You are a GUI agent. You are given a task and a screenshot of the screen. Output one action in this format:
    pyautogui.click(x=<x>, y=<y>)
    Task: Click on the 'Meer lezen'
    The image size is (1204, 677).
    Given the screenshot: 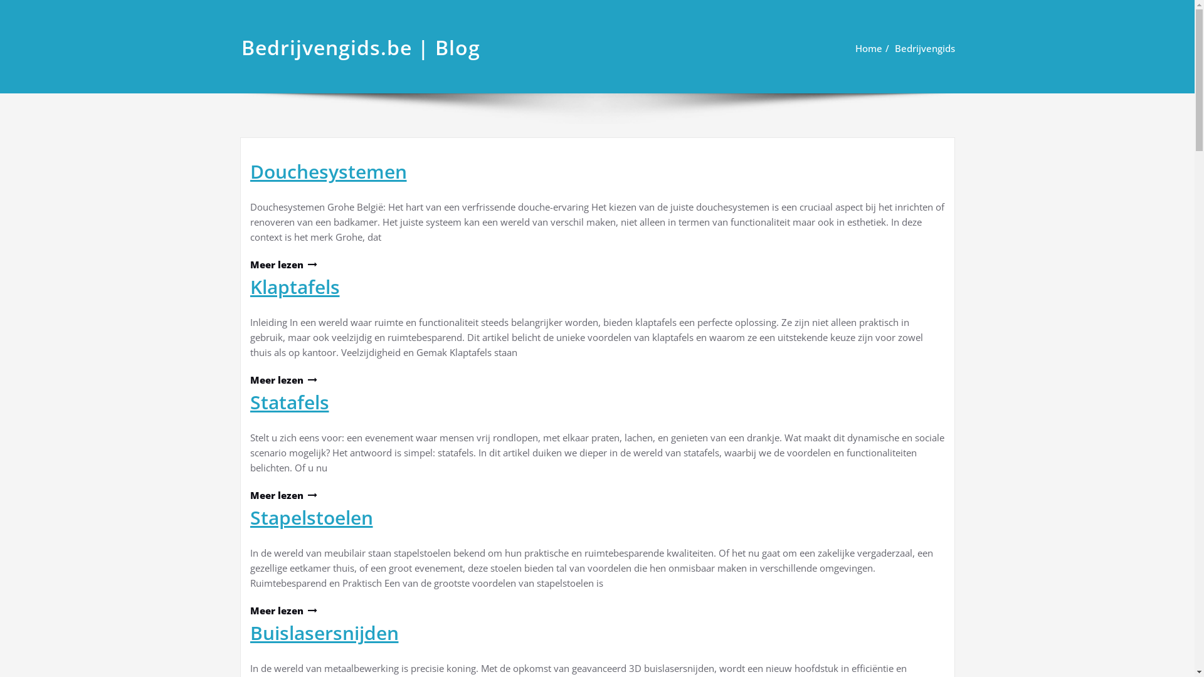 What is the action you would take?
    pyautogui.click(x=282, y=610)
    